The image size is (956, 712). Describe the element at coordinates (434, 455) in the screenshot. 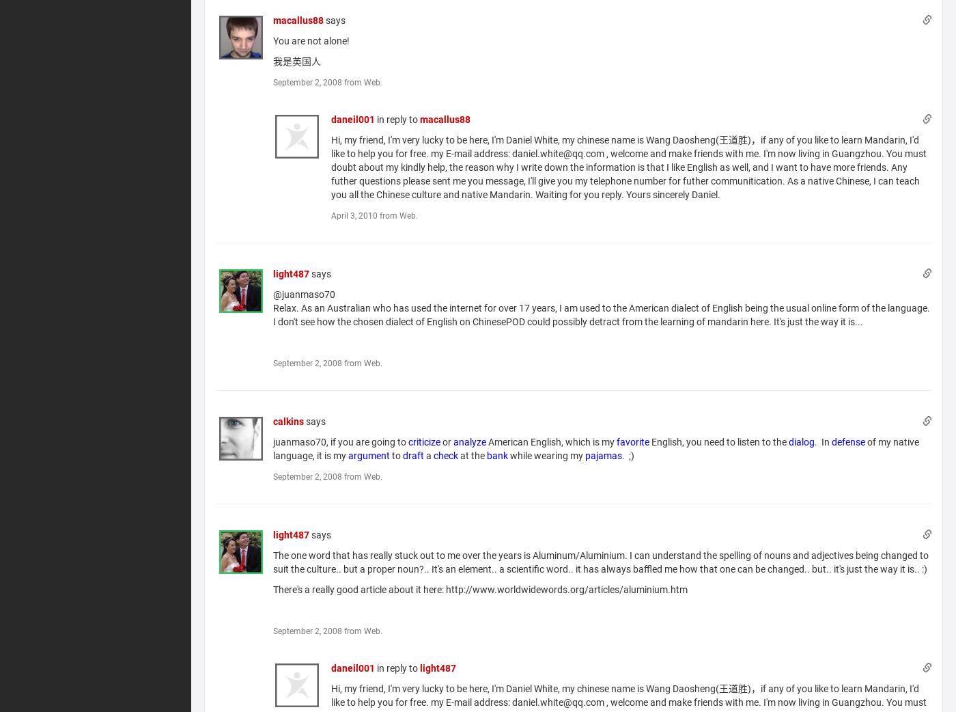

I see `'check'` at that location.